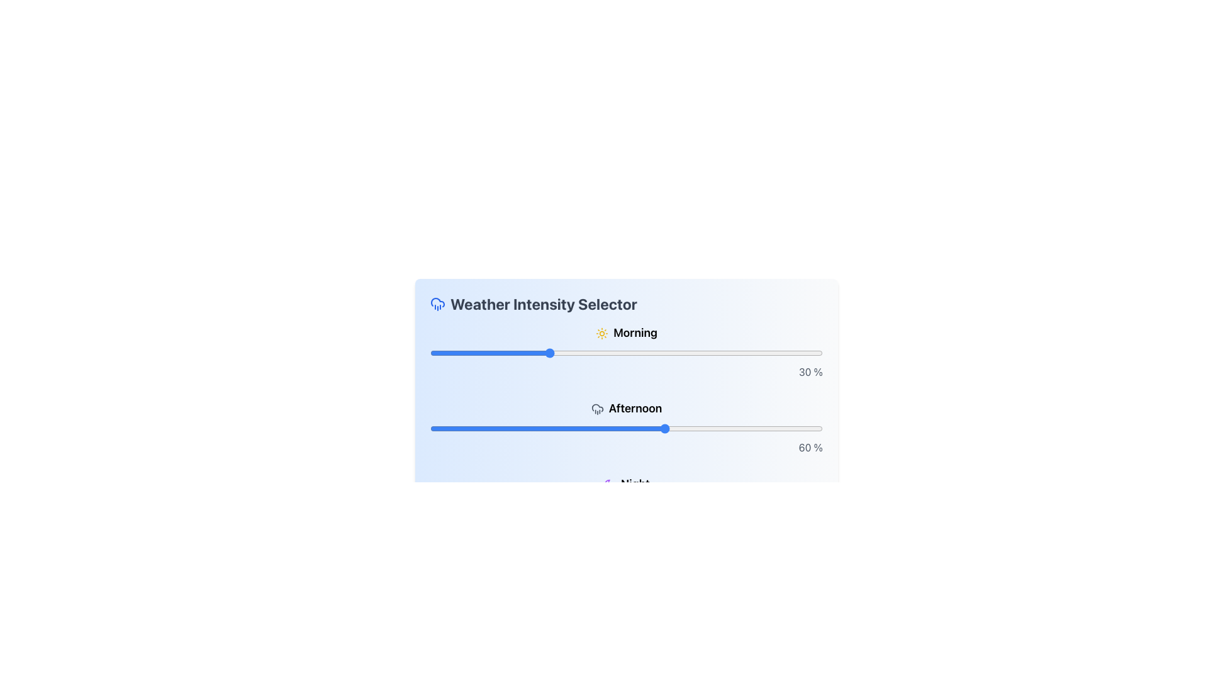 This screenshot has width=1208, height=680. What do you see at coordinates (563, 504) in the screenshot?
I see `the slider` at bounding box center [563, 504].